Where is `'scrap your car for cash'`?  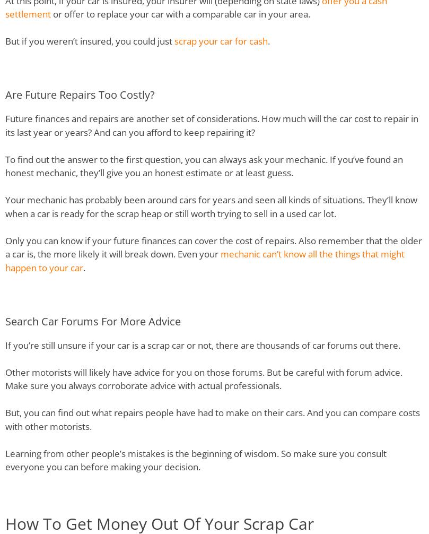 'scrap your car for cash' is located at coordinates (221, 41).